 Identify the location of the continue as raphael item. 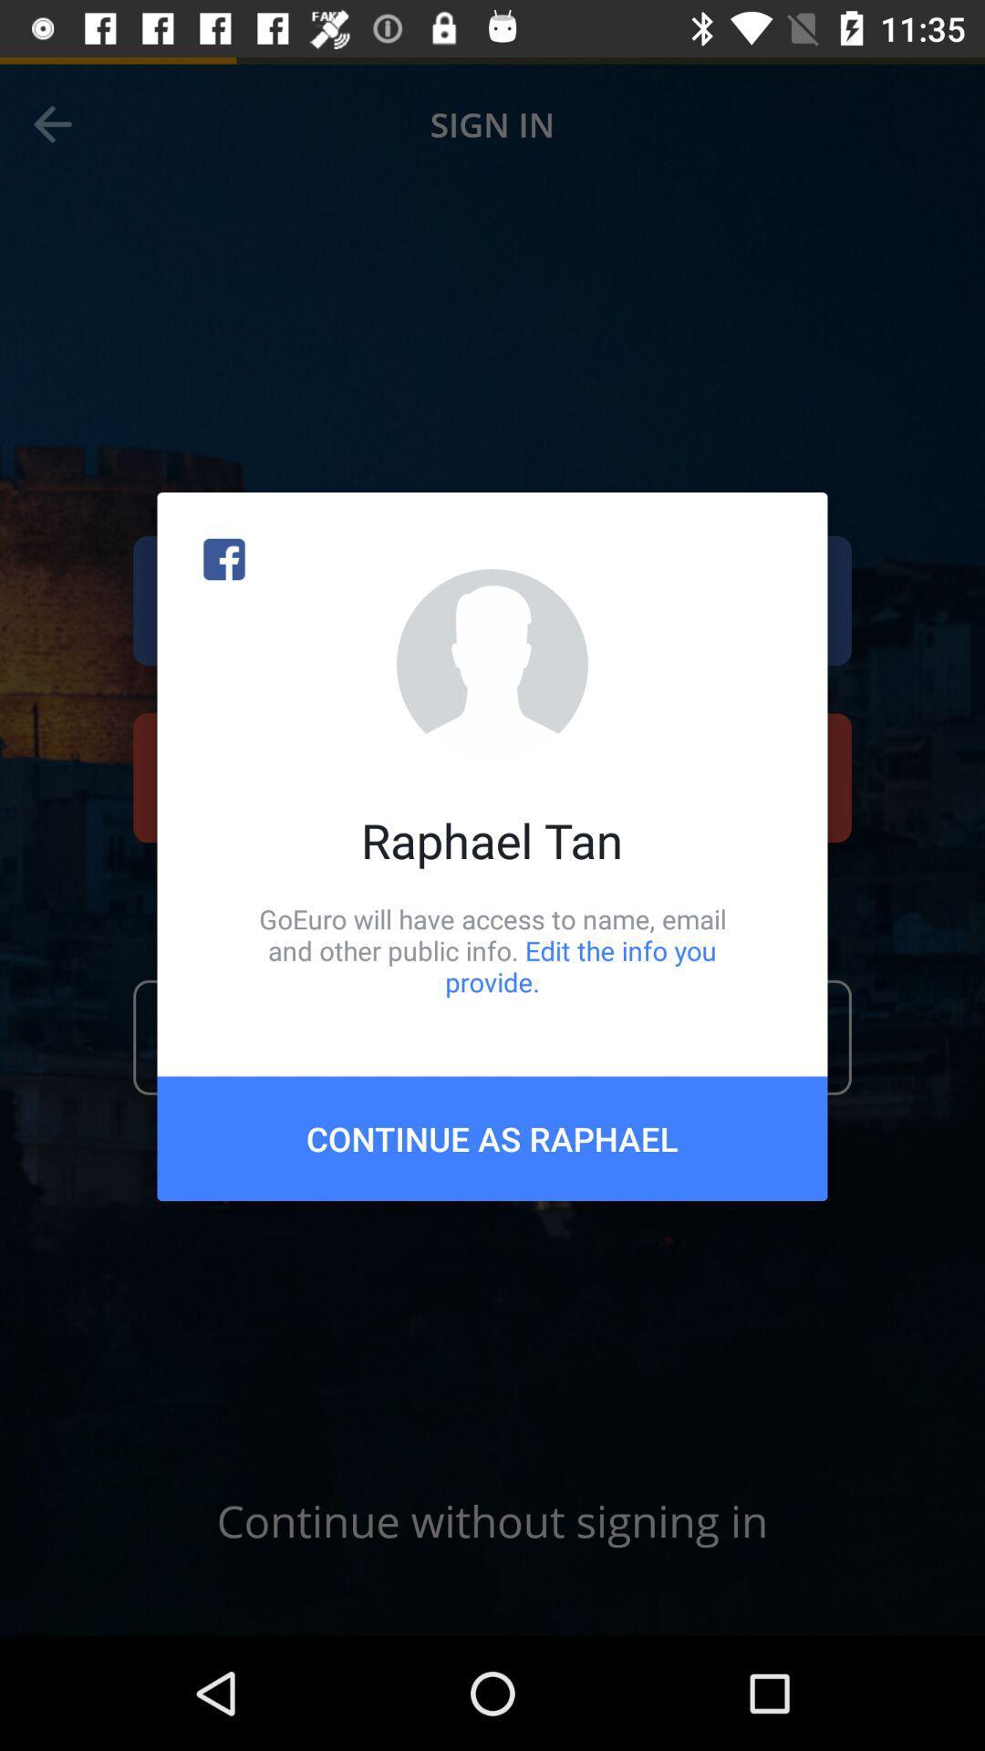
(493, 1137).